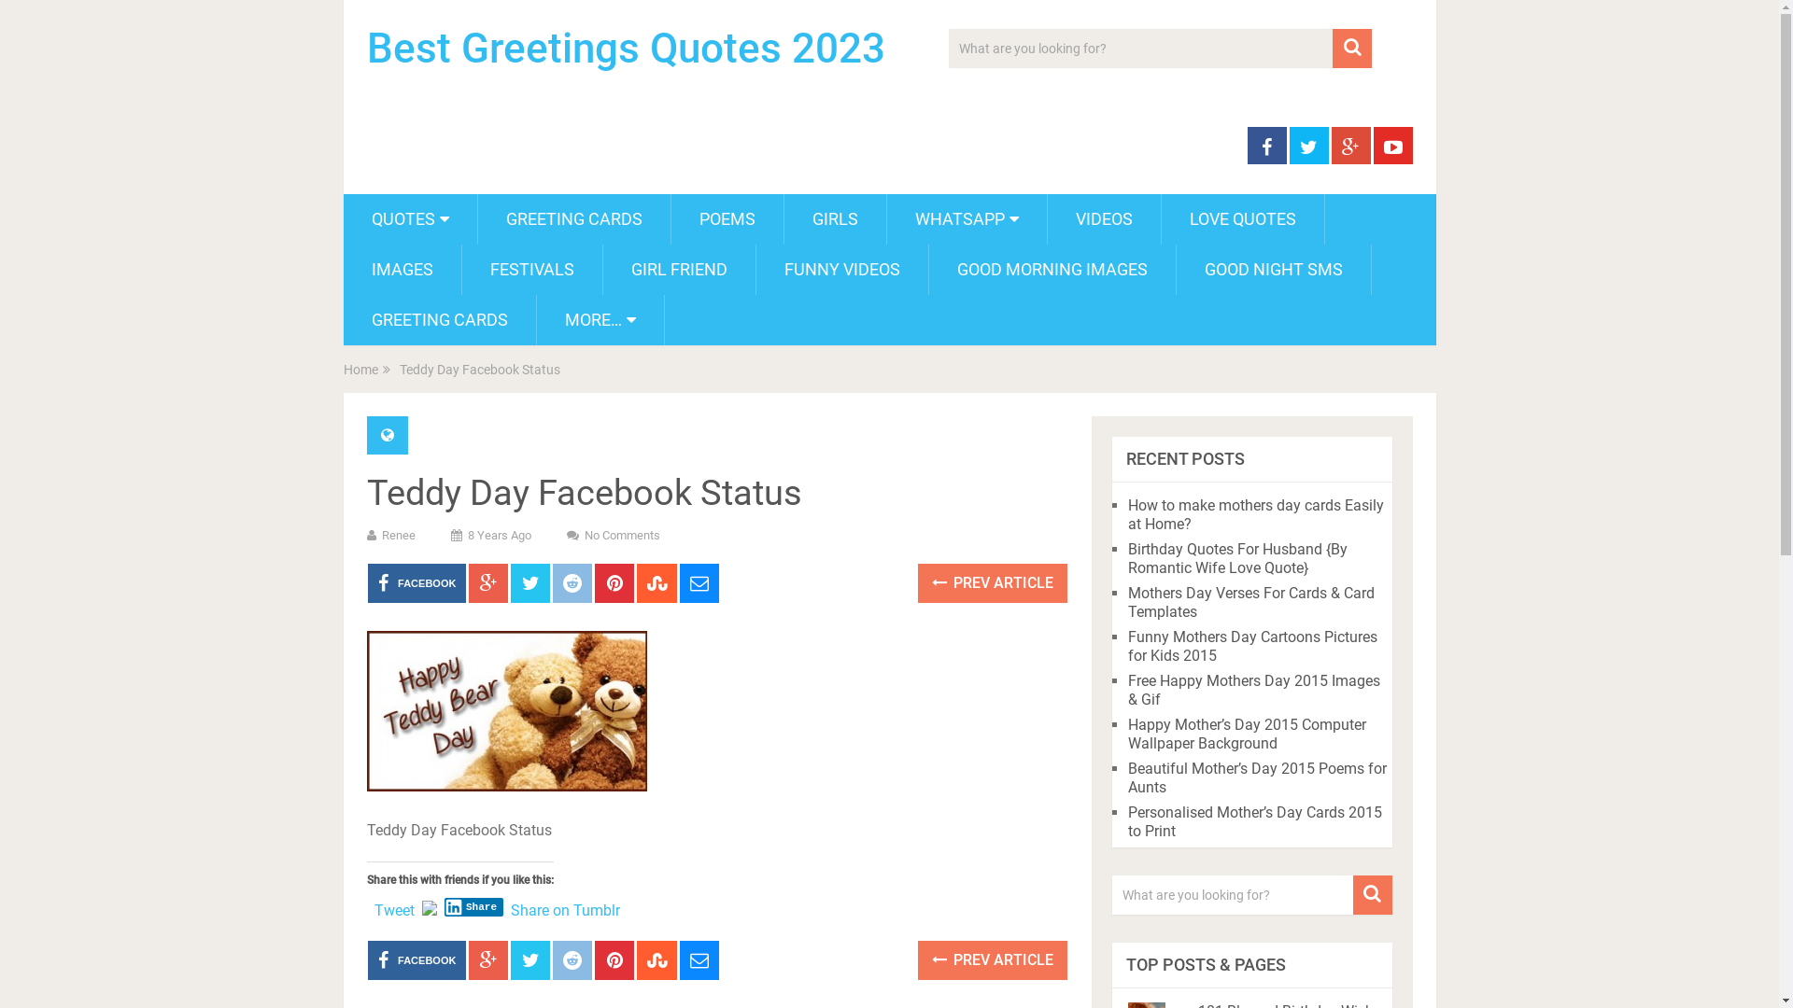 The image size is (1793, 1008). I want to click on 'WHATSAPP', so click(967, 218).